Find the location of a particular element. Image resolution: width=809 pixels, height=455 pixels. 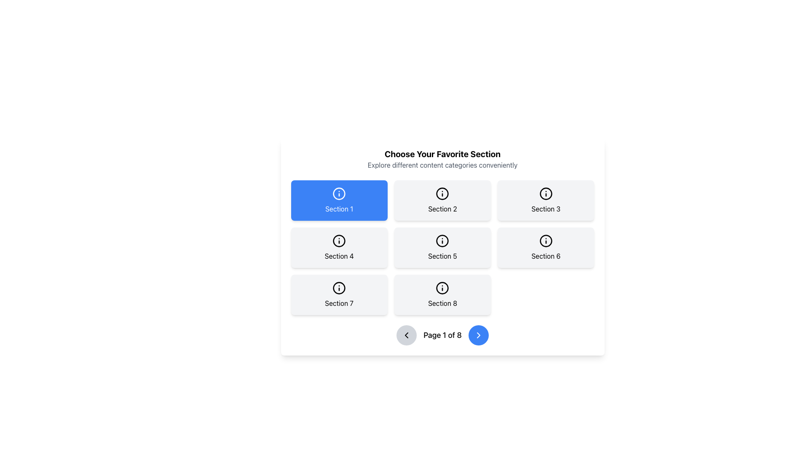

the text block that displays the title 'Choose Your Favorite Section' and the subtitle 'Explore different content categories conveniently', located at the top of a central card layout is located at coordinates (442, 159).